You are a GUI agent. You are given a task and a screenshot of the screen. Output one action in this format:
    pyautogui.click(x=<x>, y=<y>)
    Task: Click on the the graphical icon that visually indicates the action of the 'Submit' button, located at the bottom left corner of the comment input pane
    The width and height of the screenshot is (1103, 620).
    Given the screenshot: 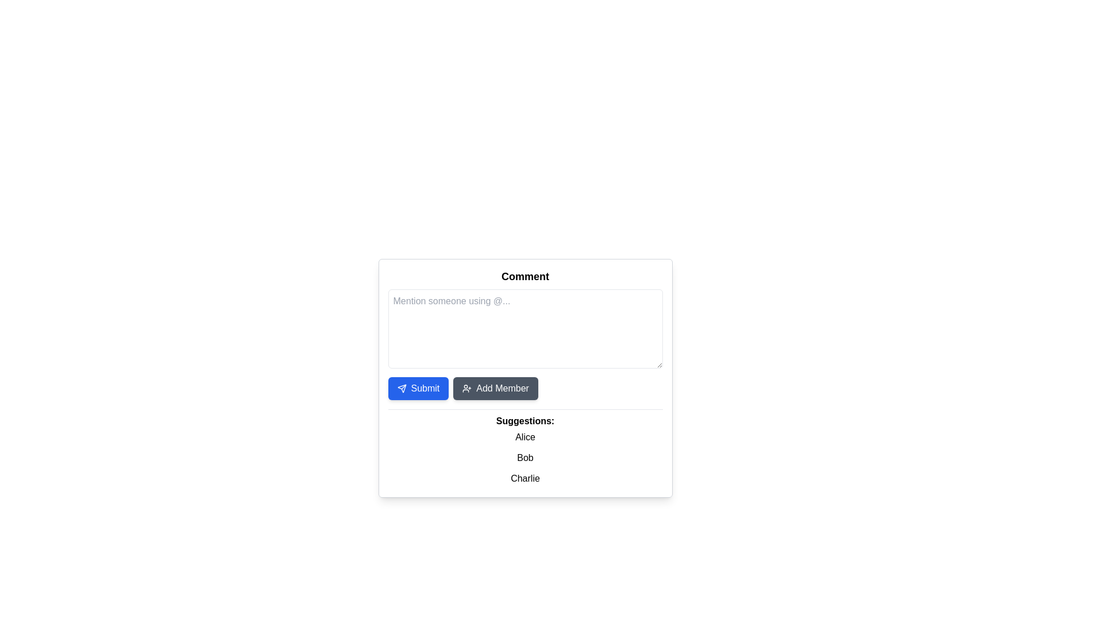 What is the action you would take?
    pyautogui.click(x=402, y=388)
    